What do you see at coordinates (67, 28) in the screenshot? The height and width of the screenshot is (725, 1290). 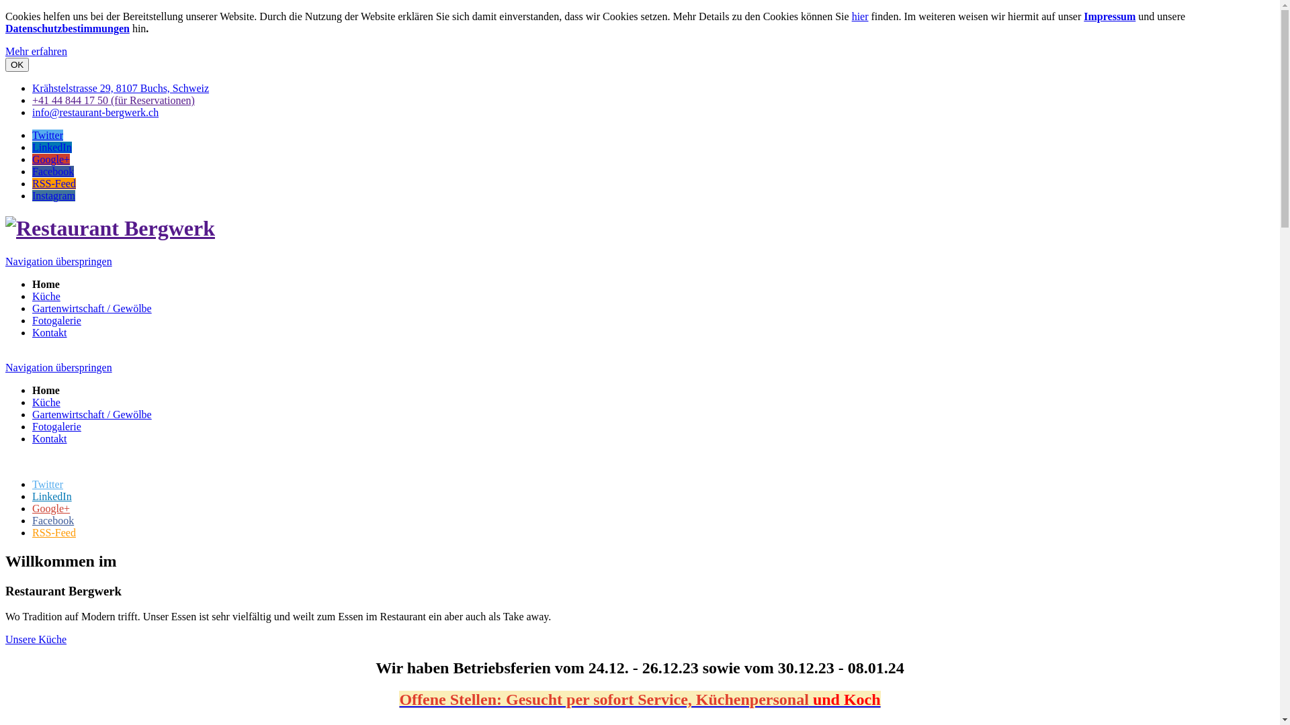 I see `'Datenschutzbestimmungen'` at bounding box center [67, 28].